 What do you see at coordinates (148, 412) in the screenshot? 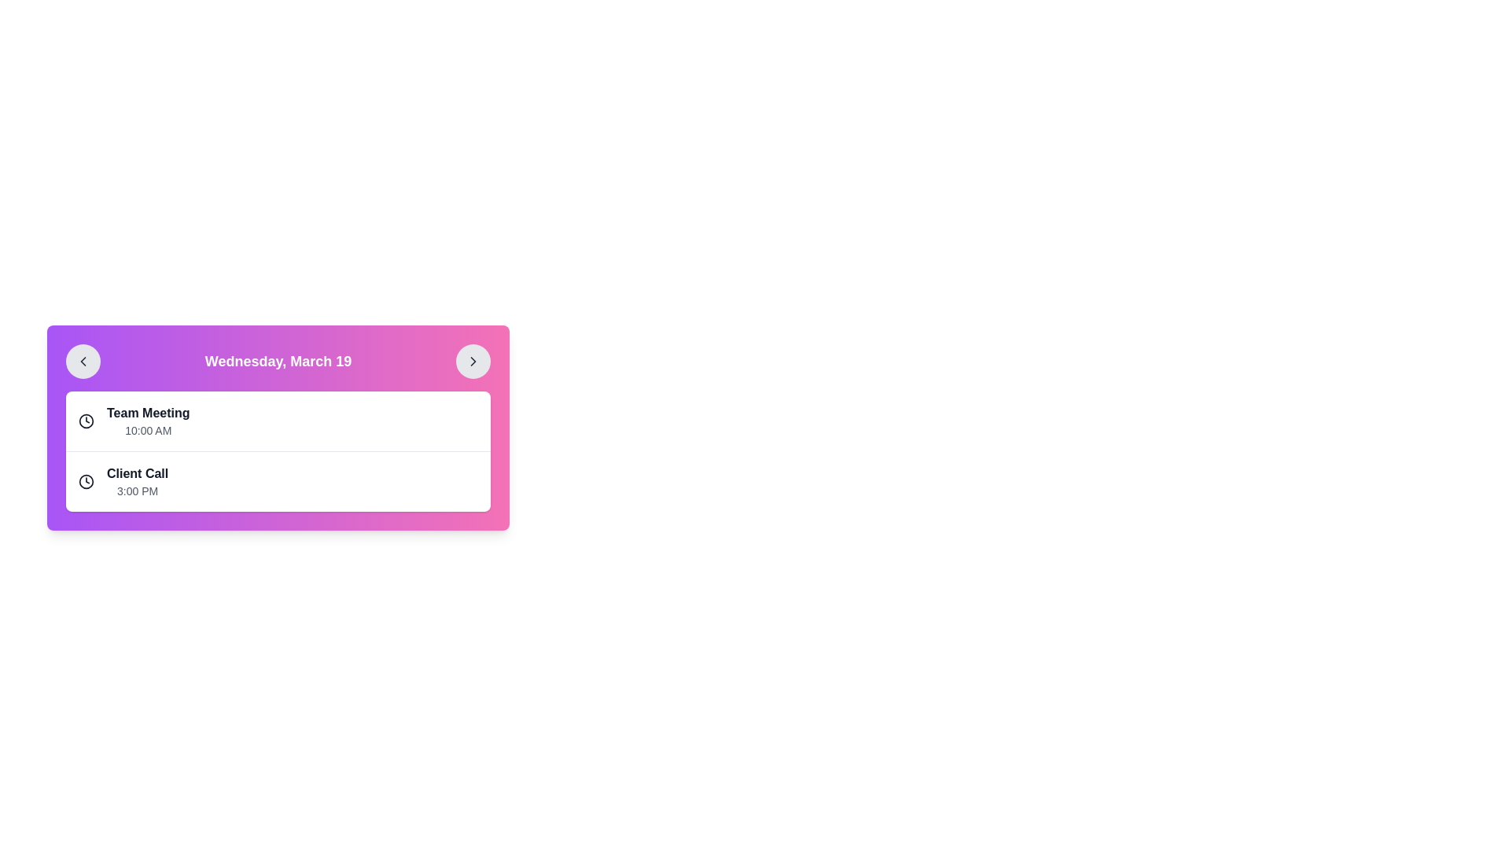
I see `bold black text displaying 'Team Meeting' located at the top of the event block within a white card layout` at bounding box center [148, 412].